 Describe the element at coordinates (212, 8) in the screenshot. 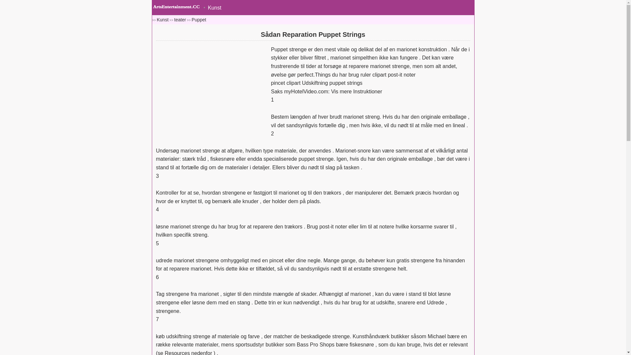

I see `'Kunst'` at that location.